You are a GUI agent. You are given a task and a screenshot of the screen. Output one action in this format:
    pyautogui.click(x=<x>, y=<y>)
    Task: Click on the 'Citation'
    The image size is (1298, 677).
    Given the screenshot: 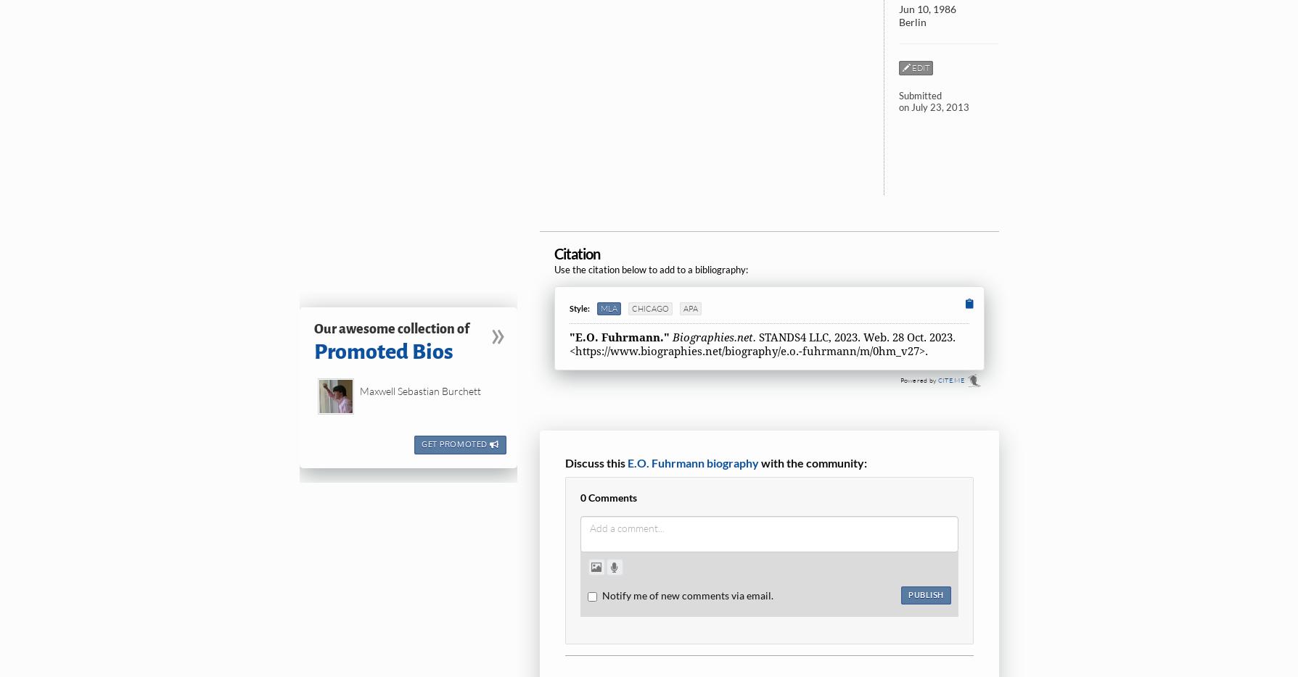 What is the action you would take?
    pyautogui.click(x=576, y=253)
    